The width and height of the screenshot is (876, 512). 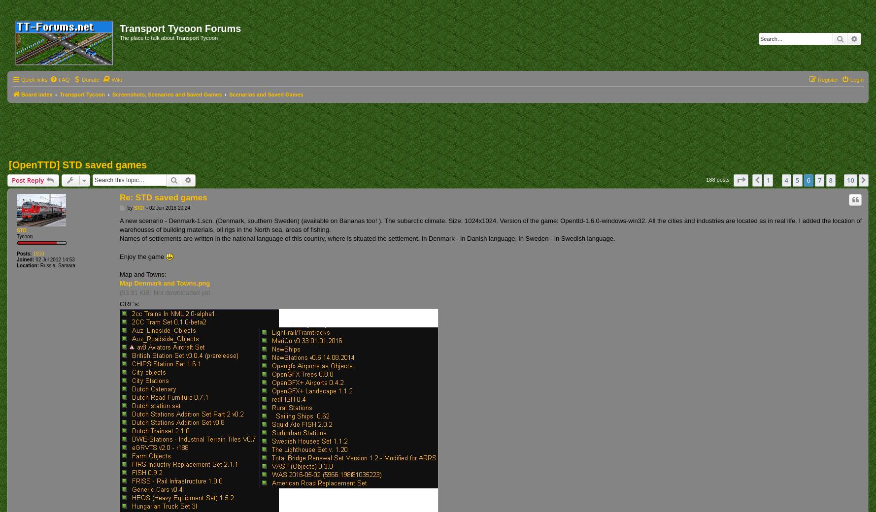 I want to click on 'Previous', so click(x=763, y=180).